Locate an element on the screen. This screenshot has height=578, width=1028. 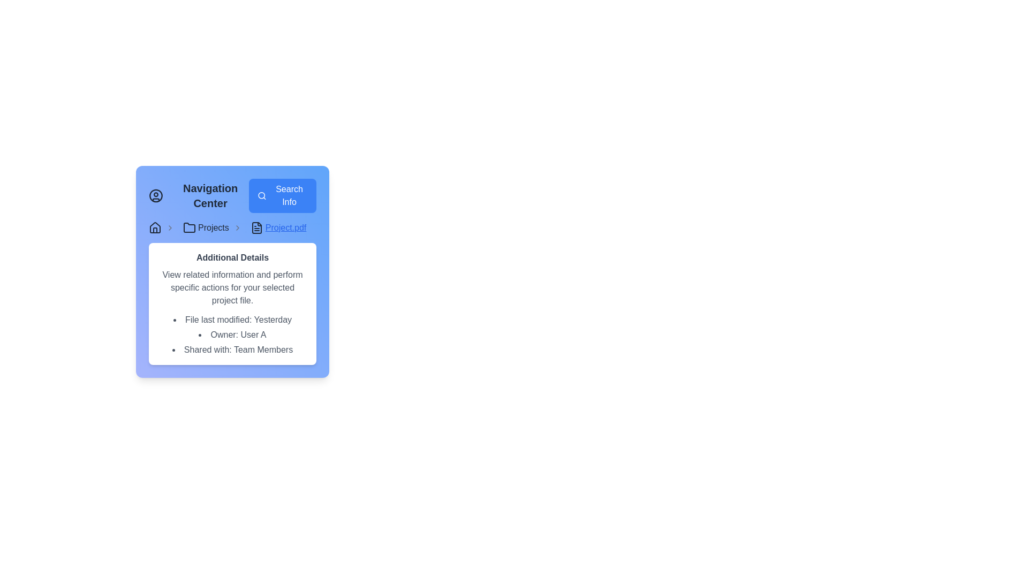
the text-based hyperlink that references 'Project.pdf' is located at coordinates (285, 227).